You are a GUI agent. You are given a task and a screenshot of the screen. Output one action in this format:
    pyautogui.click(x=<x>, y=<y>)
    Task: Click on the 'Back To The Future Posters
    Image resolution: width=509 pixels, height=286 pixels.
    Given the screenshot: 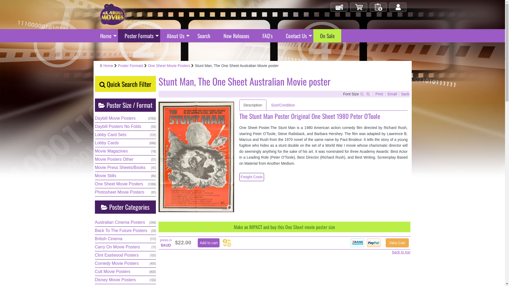 What is the action you would take?
    pyautogui.click(x=125, y=230)
    